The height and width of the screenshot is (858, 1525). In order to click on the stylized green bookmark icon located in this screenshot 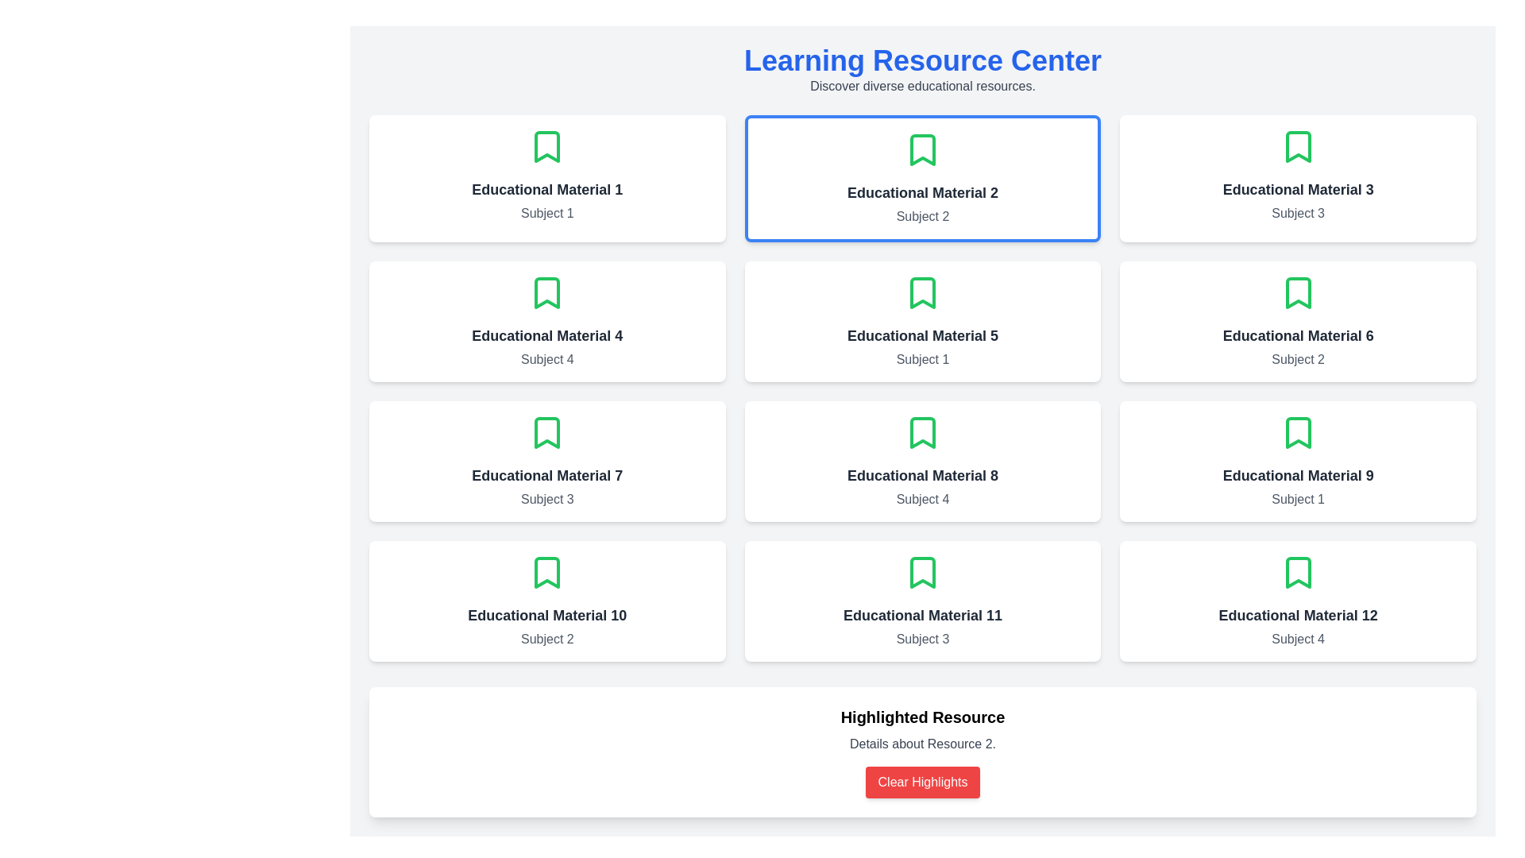, I will do `click(547, 147)`.